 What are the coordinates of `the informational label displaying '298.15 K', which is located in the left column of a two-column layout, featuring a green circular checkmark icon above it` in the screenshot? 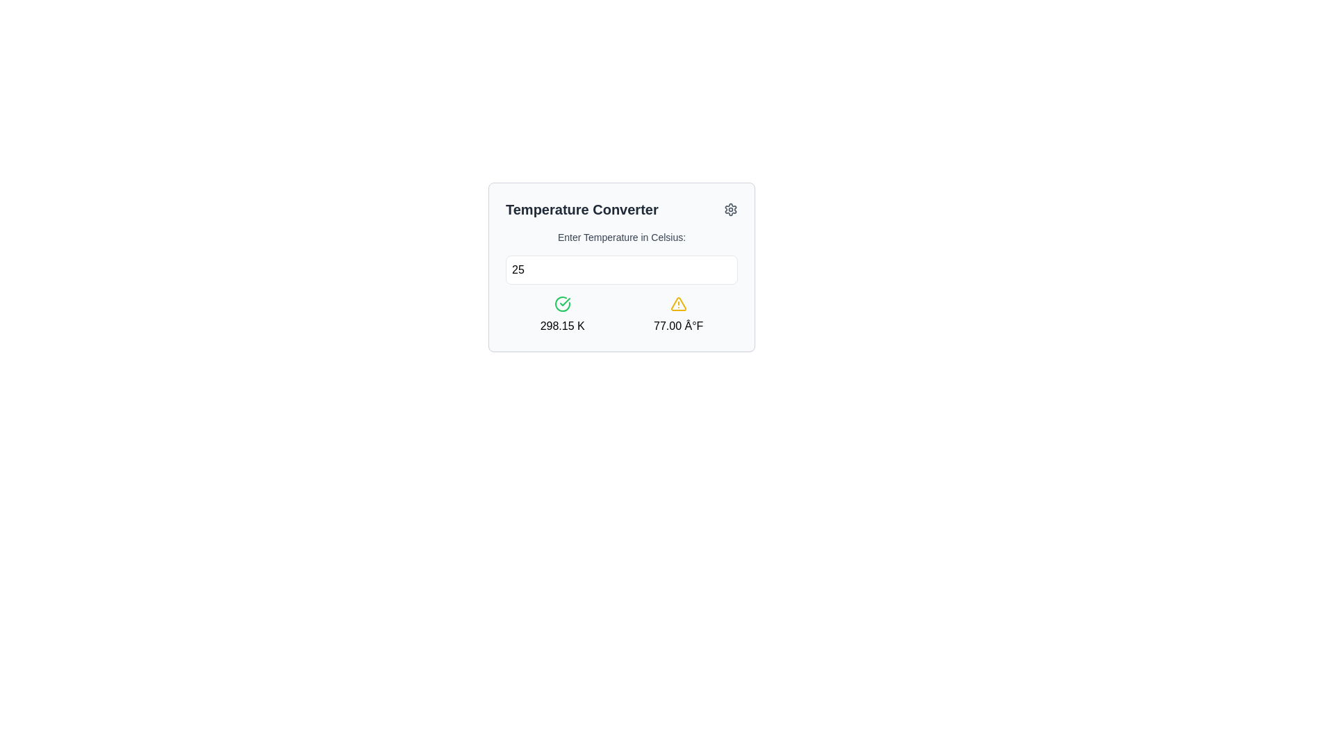 It's located at (562, 315).